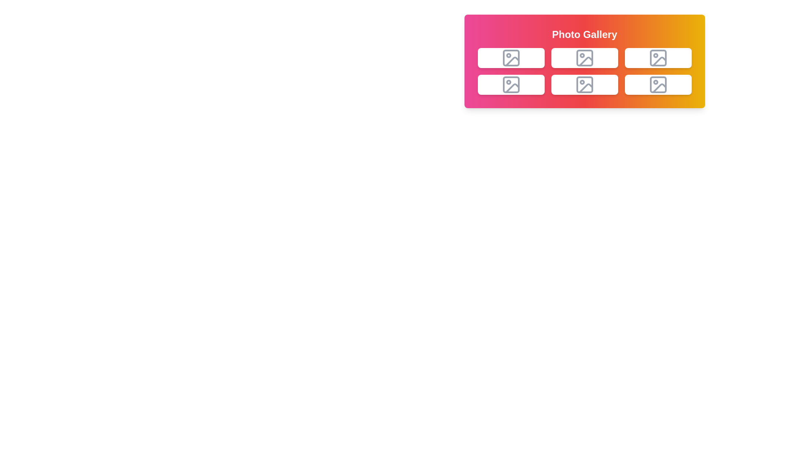 The width and height of the screenshot is (802, 451). I want to click on the interactive tile located, so click(657, 57).